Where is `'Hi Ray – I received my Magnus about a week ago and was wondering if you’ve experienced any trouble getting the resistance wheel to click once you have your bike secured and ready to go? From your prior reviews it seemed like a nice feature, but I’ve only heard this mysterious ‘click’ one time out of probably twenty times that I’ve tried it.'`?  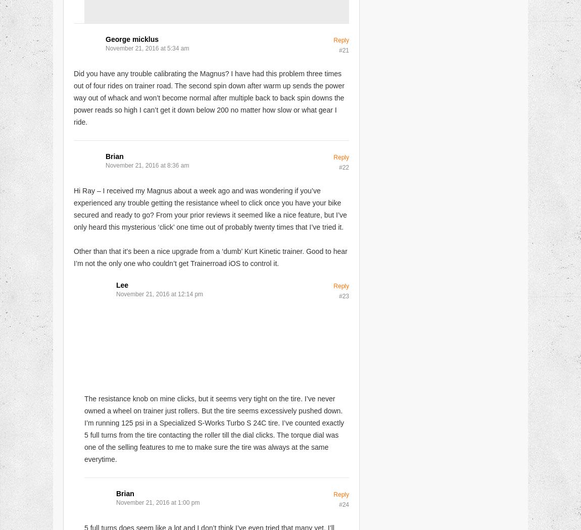
'Hi Ray – I received my Magnus about a week ago and was wondering if you’ve experienced any trouble getting the resistance wheel to click once you have your bike secured and ready to go? From your prior reviews it seemed like a nice feature, but I’ve only heard this mysterious ‘click’ one time out of probably twenty times that I’ve tried it.' is located at coordinates (73, 208).